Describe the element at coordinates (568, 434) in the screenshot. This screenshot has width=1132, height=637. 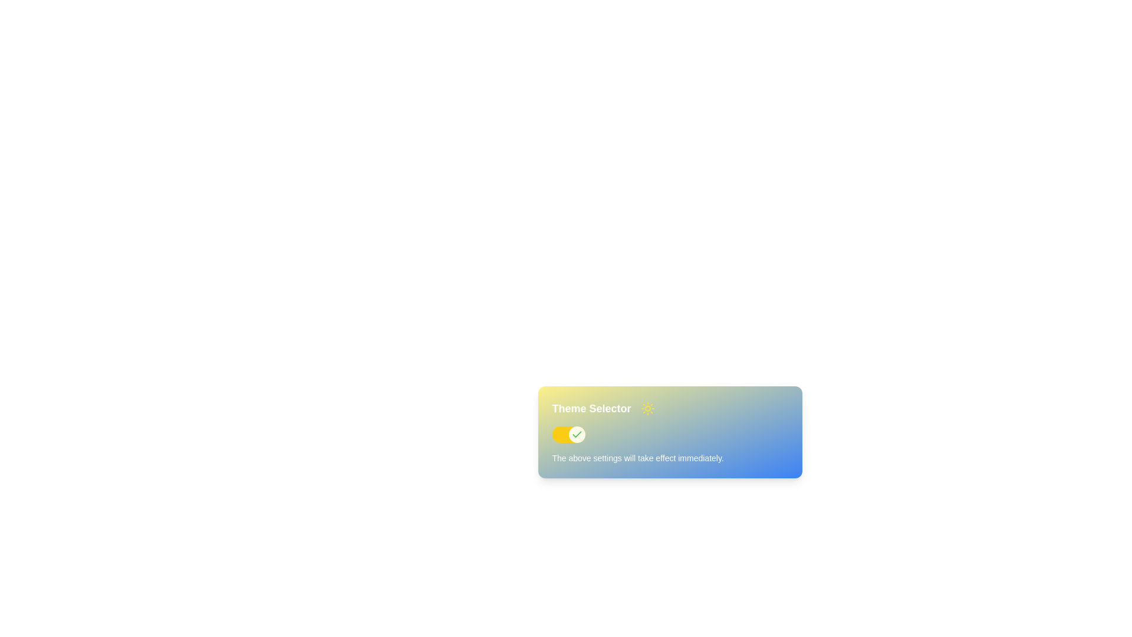
I see `the toggle switch located below the 'Theme Selector' text` at that location.